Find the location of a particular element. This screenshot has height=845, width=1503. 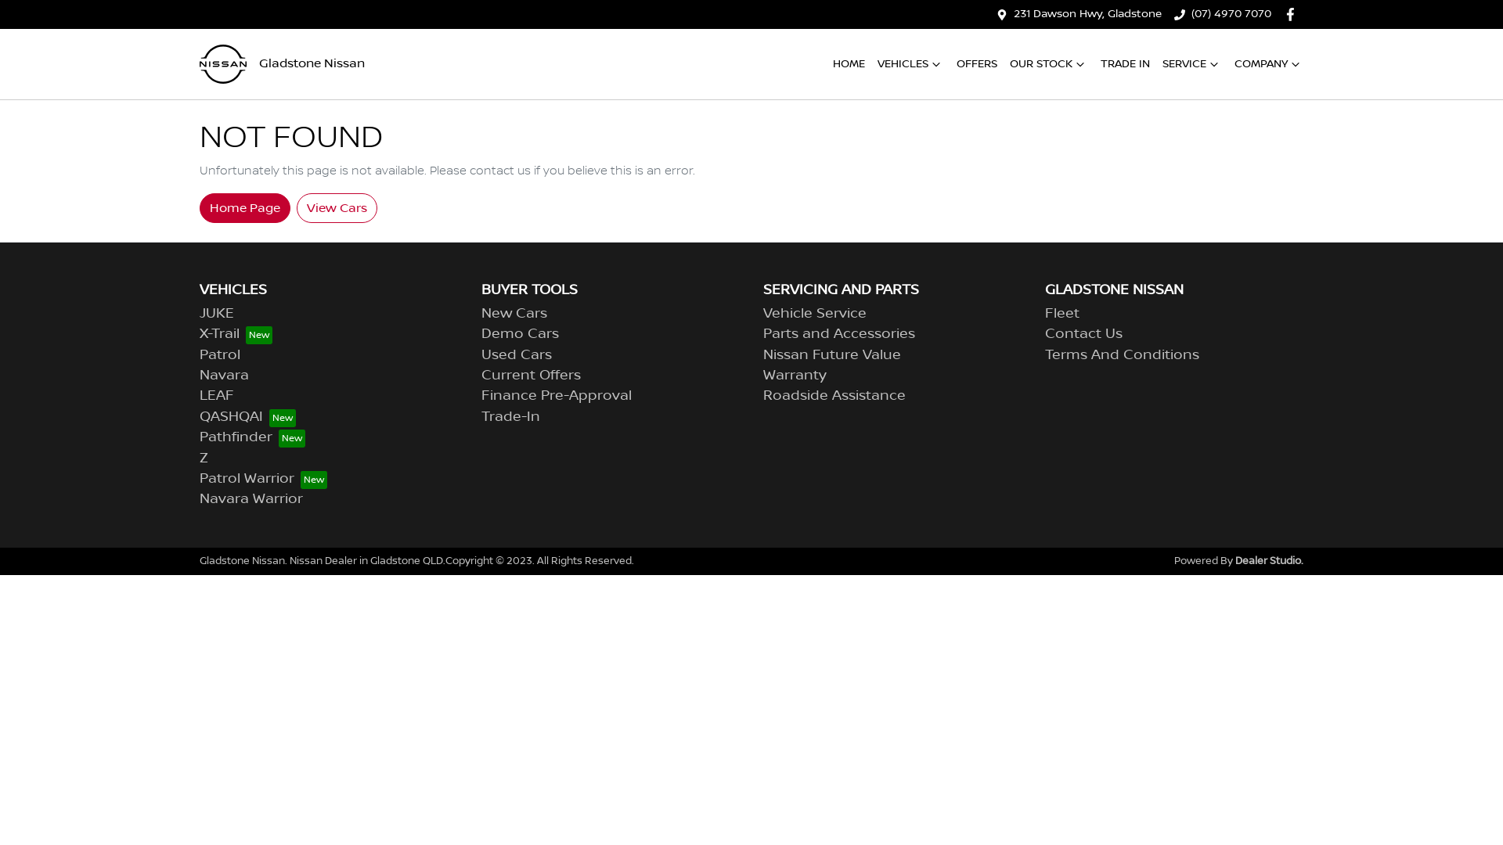

'LEAF' is located at coordinates (216, 394).